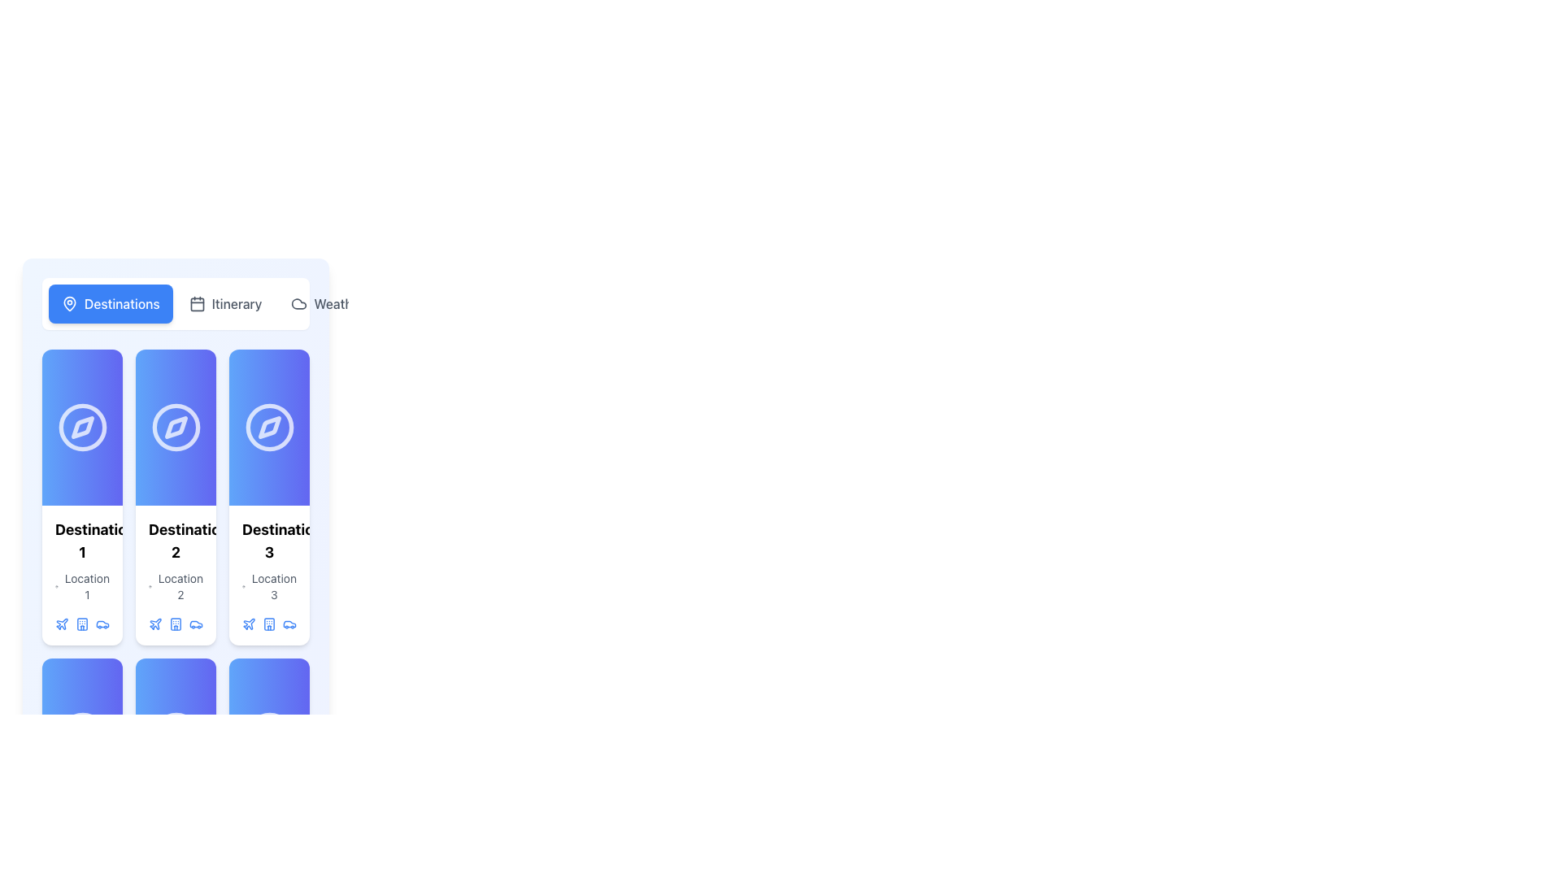 The width and height of the screenshot is (1561, 878). Describe the element at coordinates (176, 426) in the screenshot. I see `the circular icon representing 'Destination 2' located in the middle column of the 'Destinations' section` at that location.